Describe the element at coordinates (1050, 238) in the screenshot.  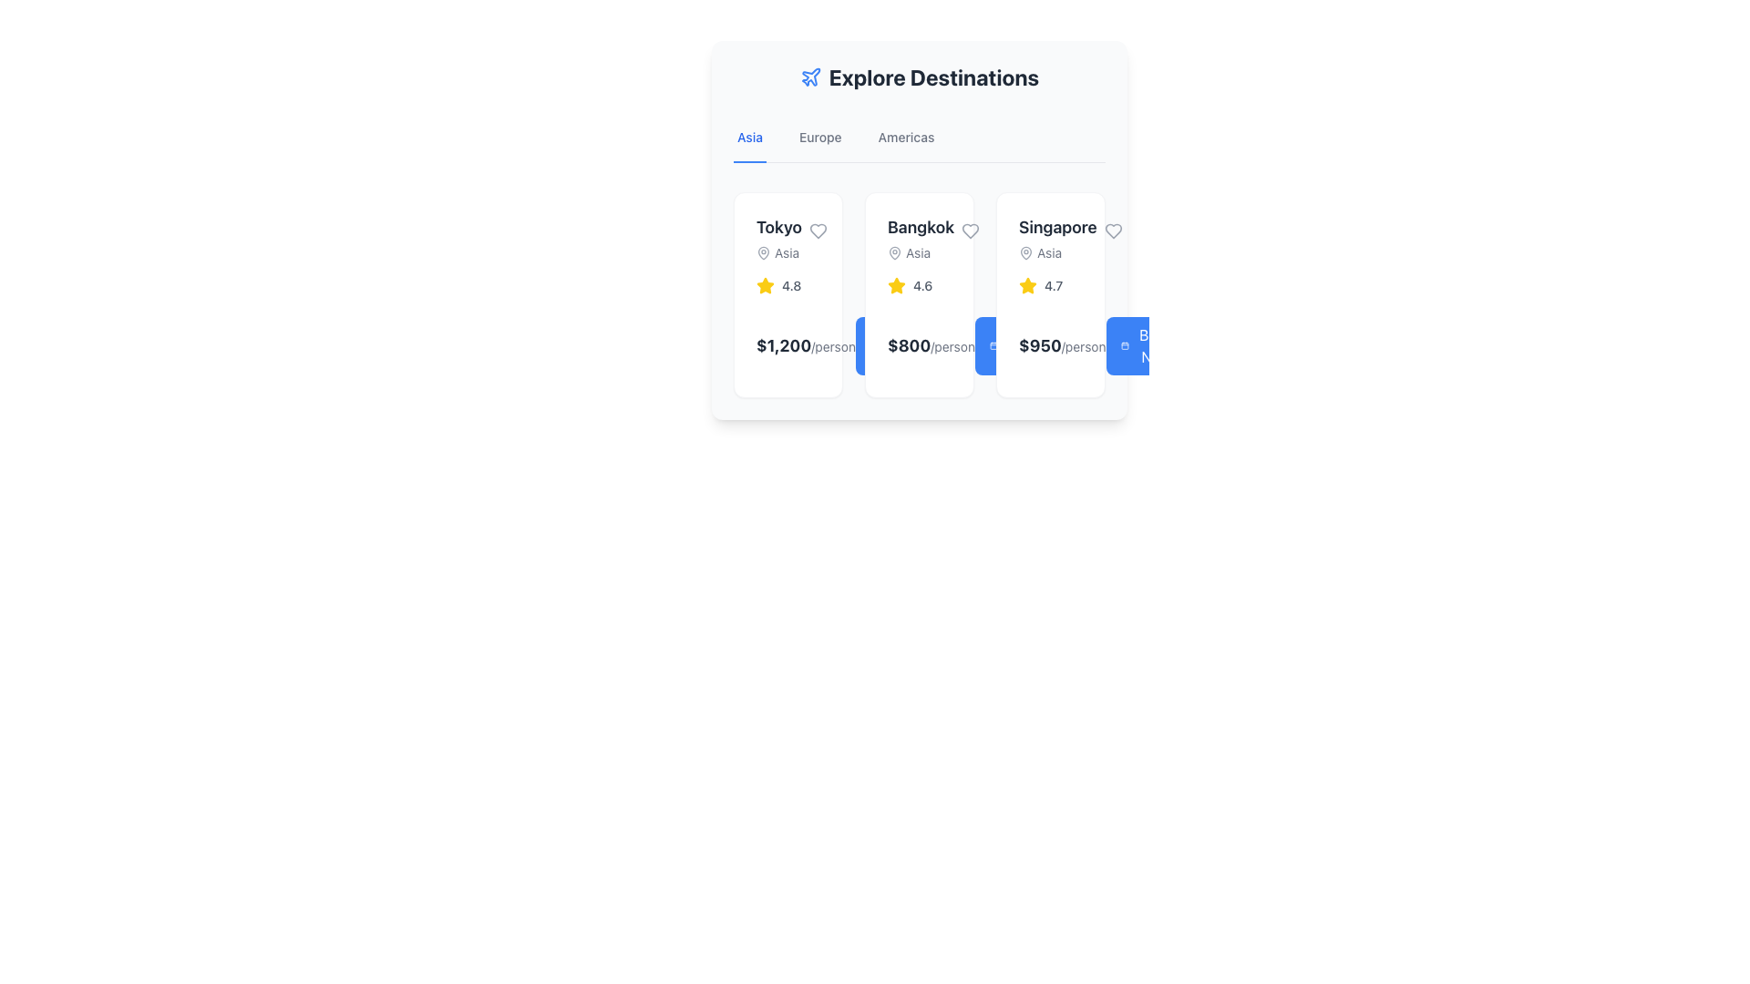
I see `the text label that displays 'Singapore', which is part of the destination card located under the 'Asia' tab in the 'Explore Destinations' panel` at that location.